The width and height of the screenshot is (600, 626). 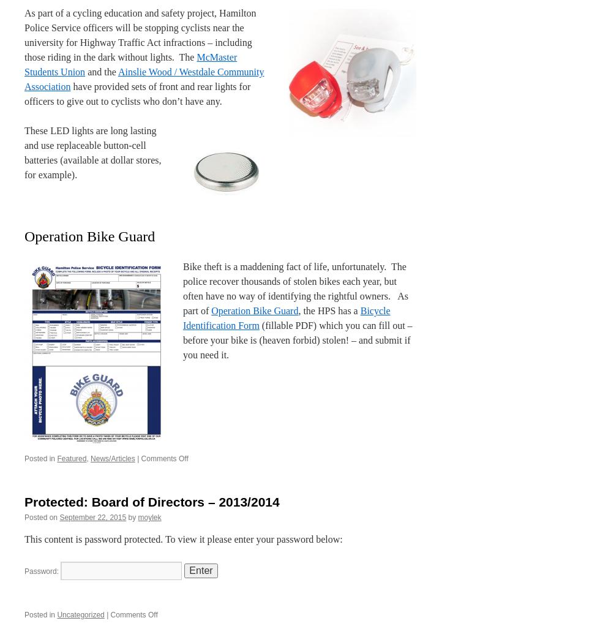 What do you see at coordinates (42, 571) in the screenshot?
I see `'Password:'` at bounding box center [42, 571].